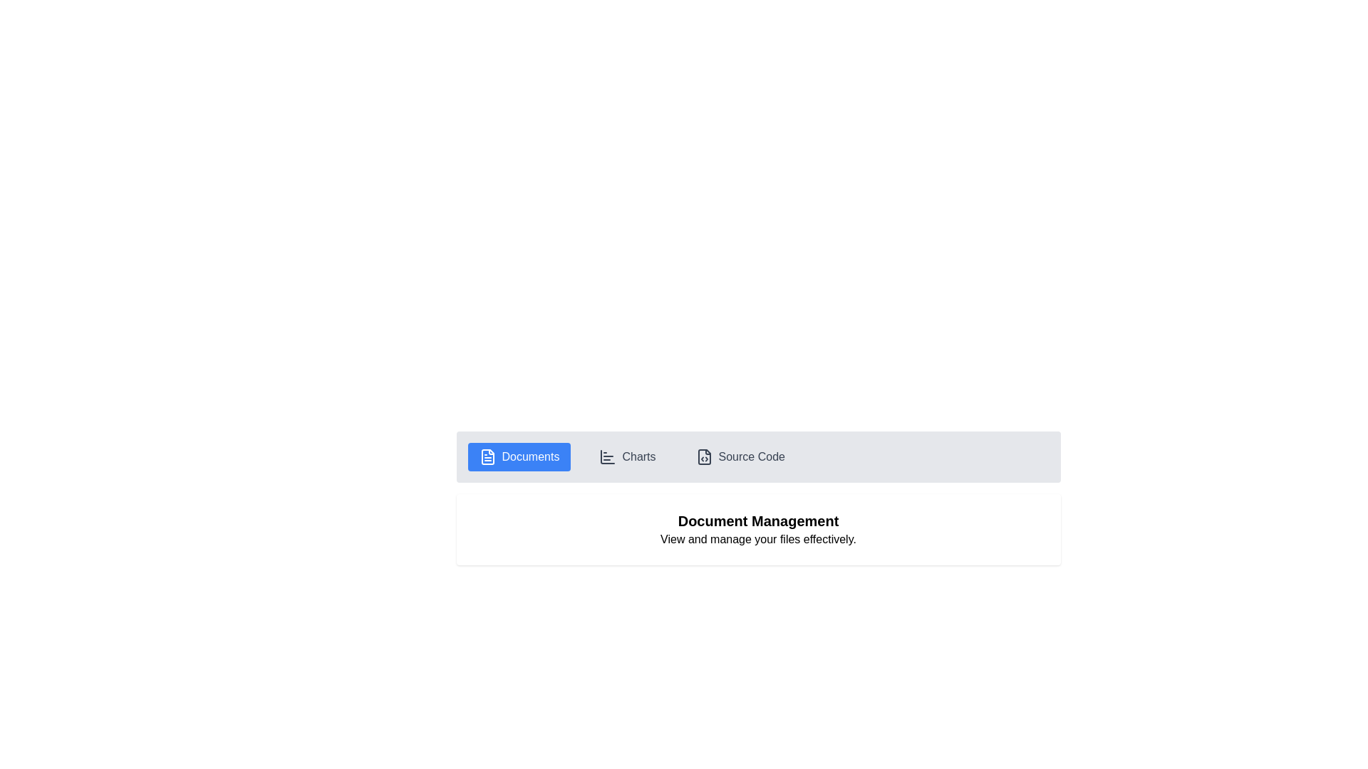  Describe the element at coordinates (627, 456) in the screenshot. I see `the 'Charts' menu item button, which is the second item in a horizontal navigation bar, to observe the background color change effect` at that location.